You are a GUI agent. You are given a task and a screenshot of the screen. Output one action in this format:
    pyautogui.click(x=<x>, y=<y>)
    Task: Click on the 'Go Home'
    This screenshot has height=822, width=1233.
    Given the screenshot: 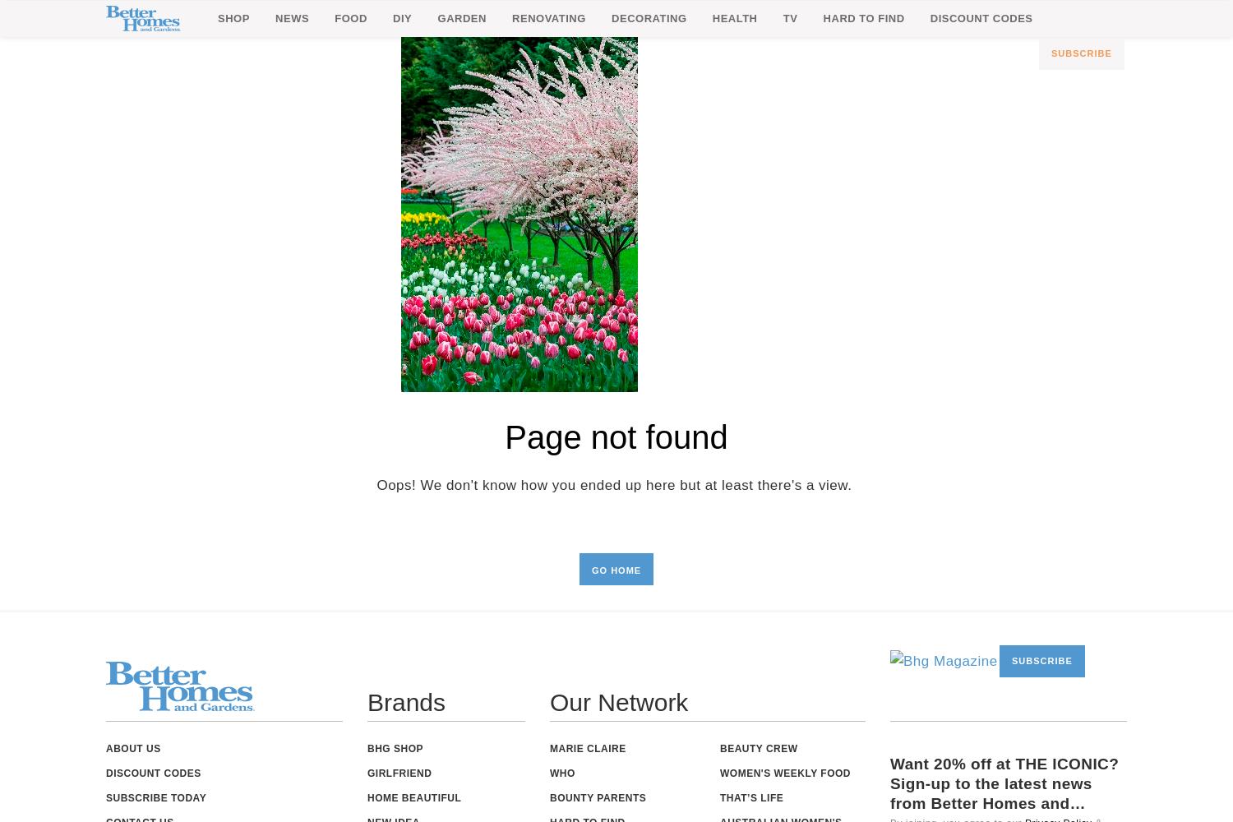 What is the action you would take?
    pyautogui.click(x=615, y=570)
    